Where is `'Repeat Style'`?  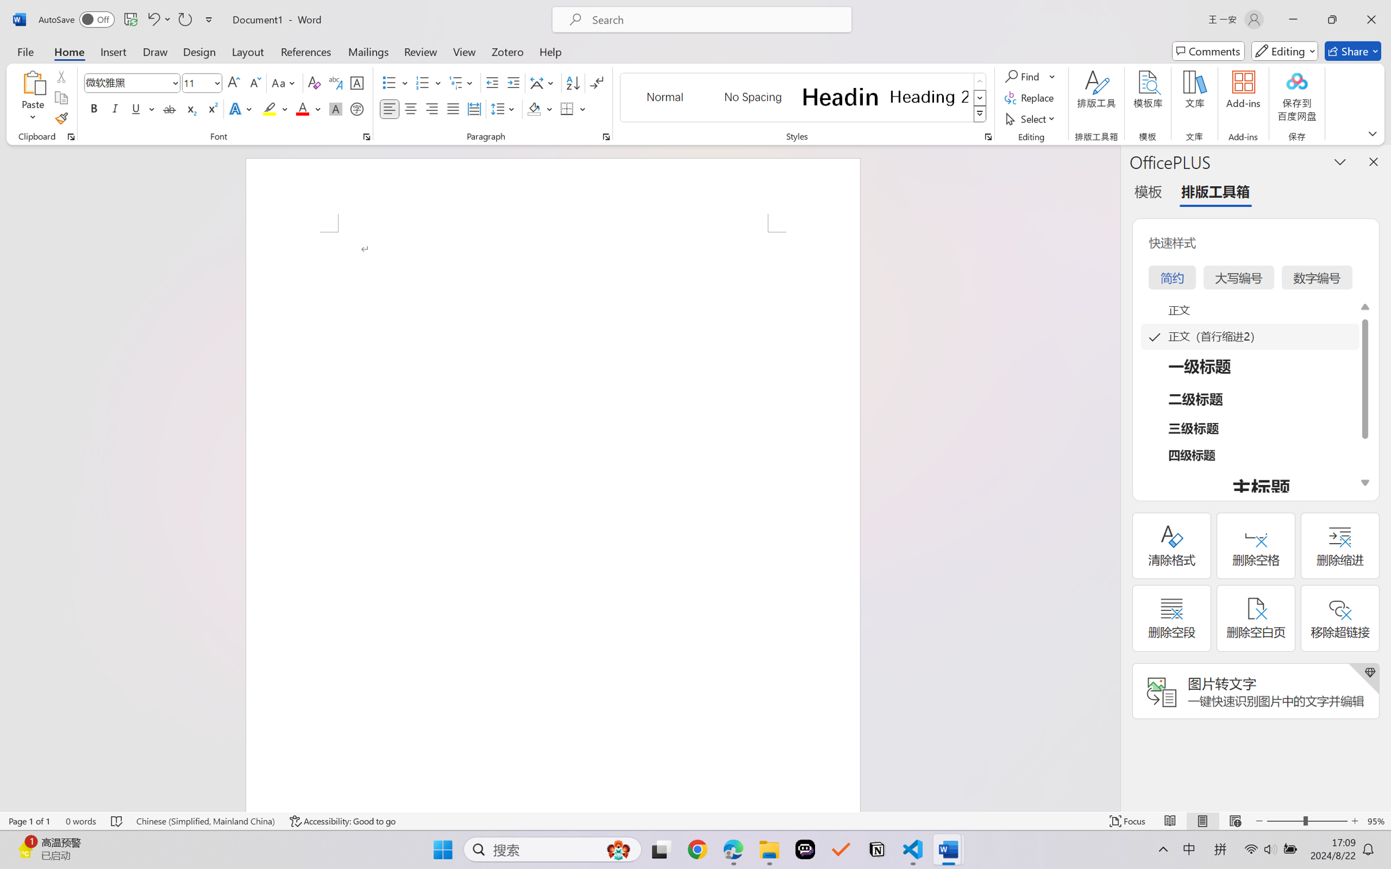
'Repeat Style' is located at coordinates (184, 19).